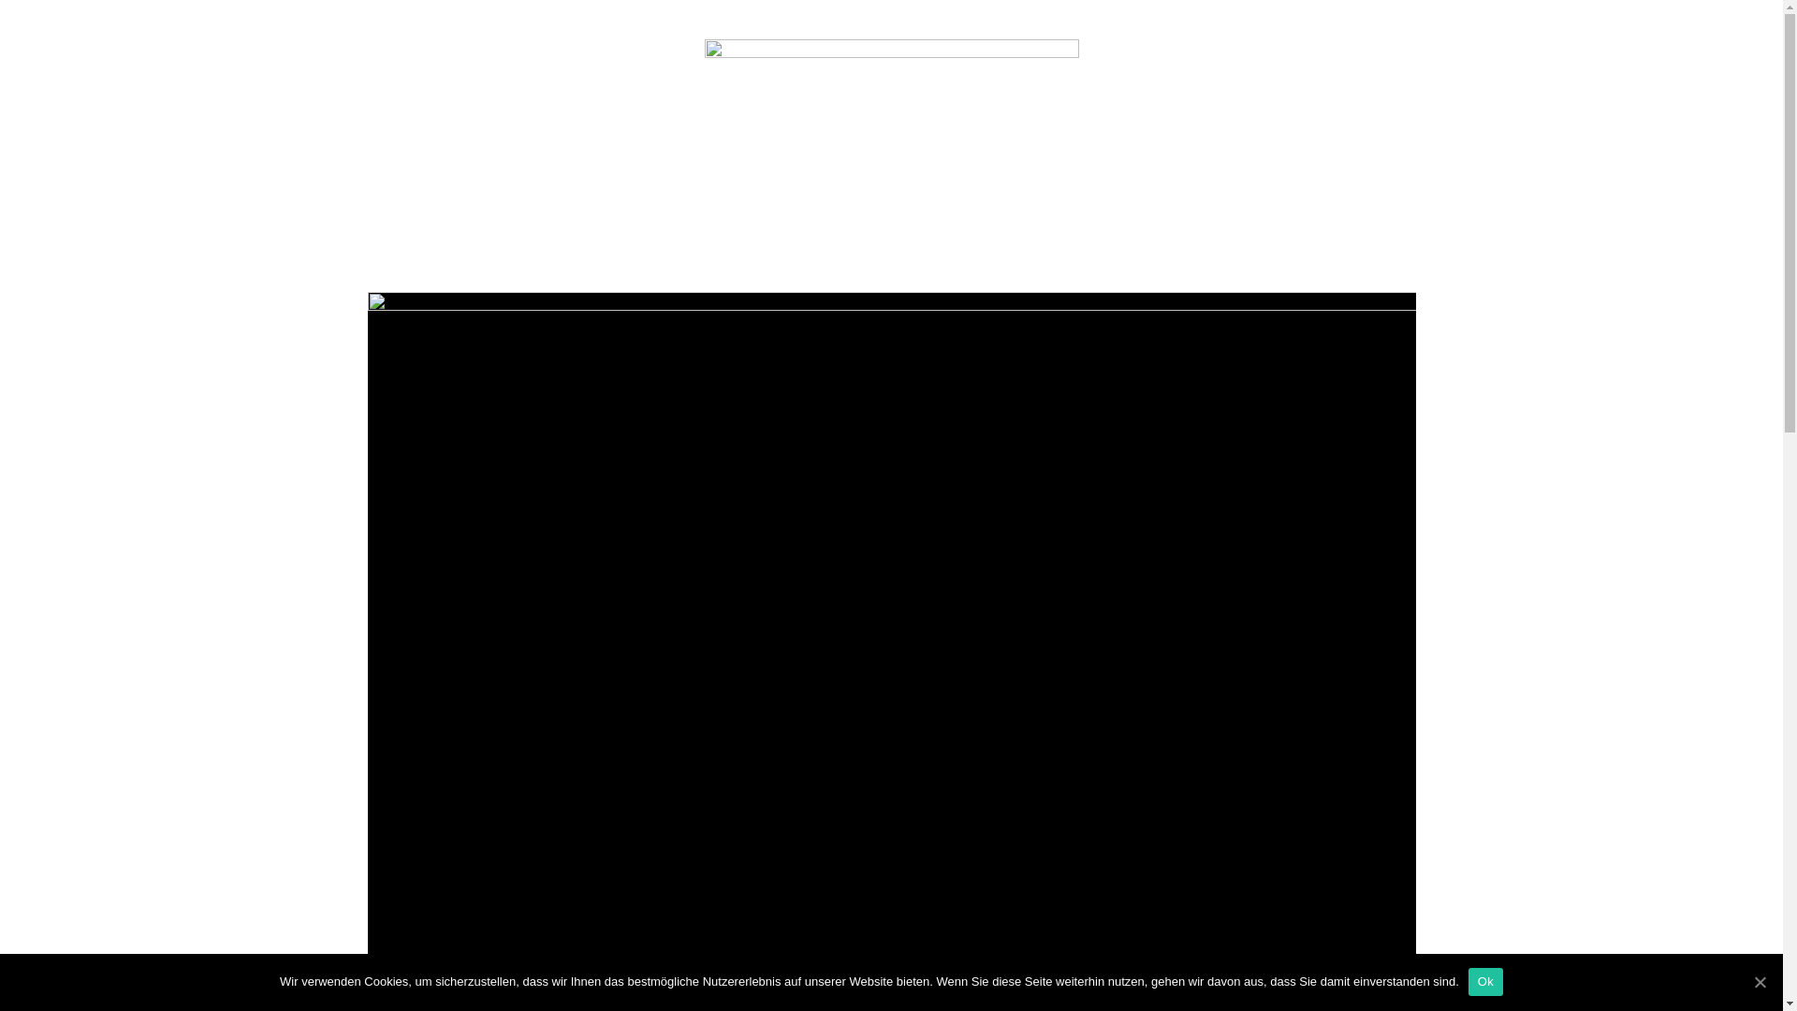 The height and width of the screenshot is (1011, 1797). I want to click on 'Ok', so click(1484, 981).